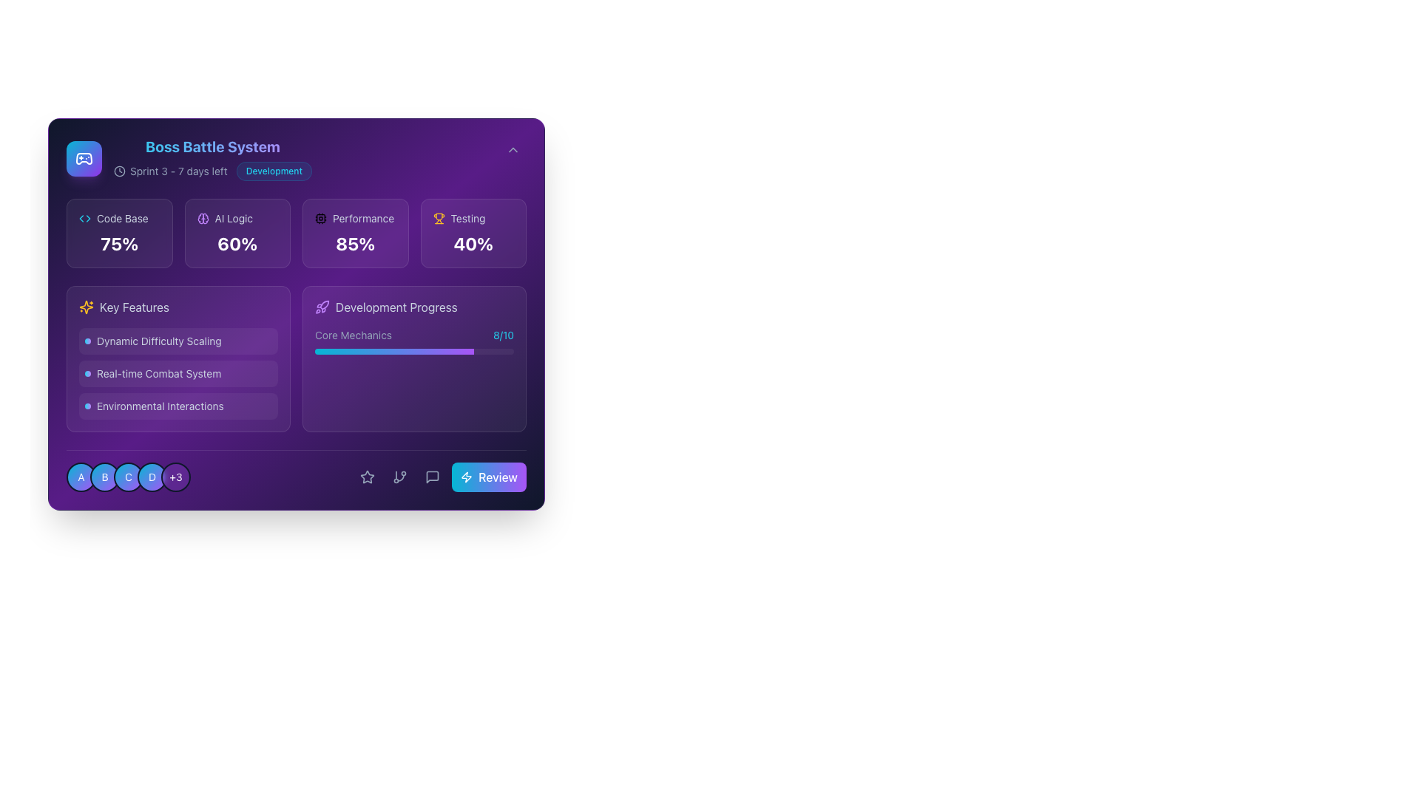 Image resolution: width=1420 pixels, height=798 pixels. I want to click on the displayed score '8/10' in bright cyan-blue font against a dark purple background, located next to the label 'Core Mechanics' within the 'Development Progress' section, so click(504, 335).